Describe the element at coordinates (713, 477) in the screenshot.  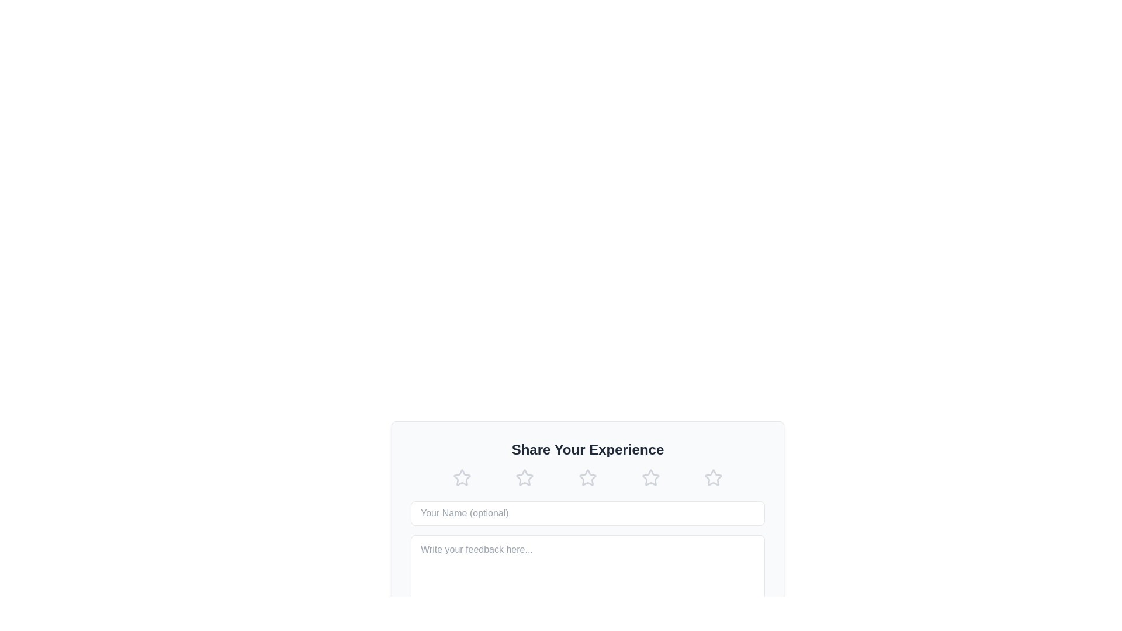
I see `the star-shaped icon with a gray outline` at that location.